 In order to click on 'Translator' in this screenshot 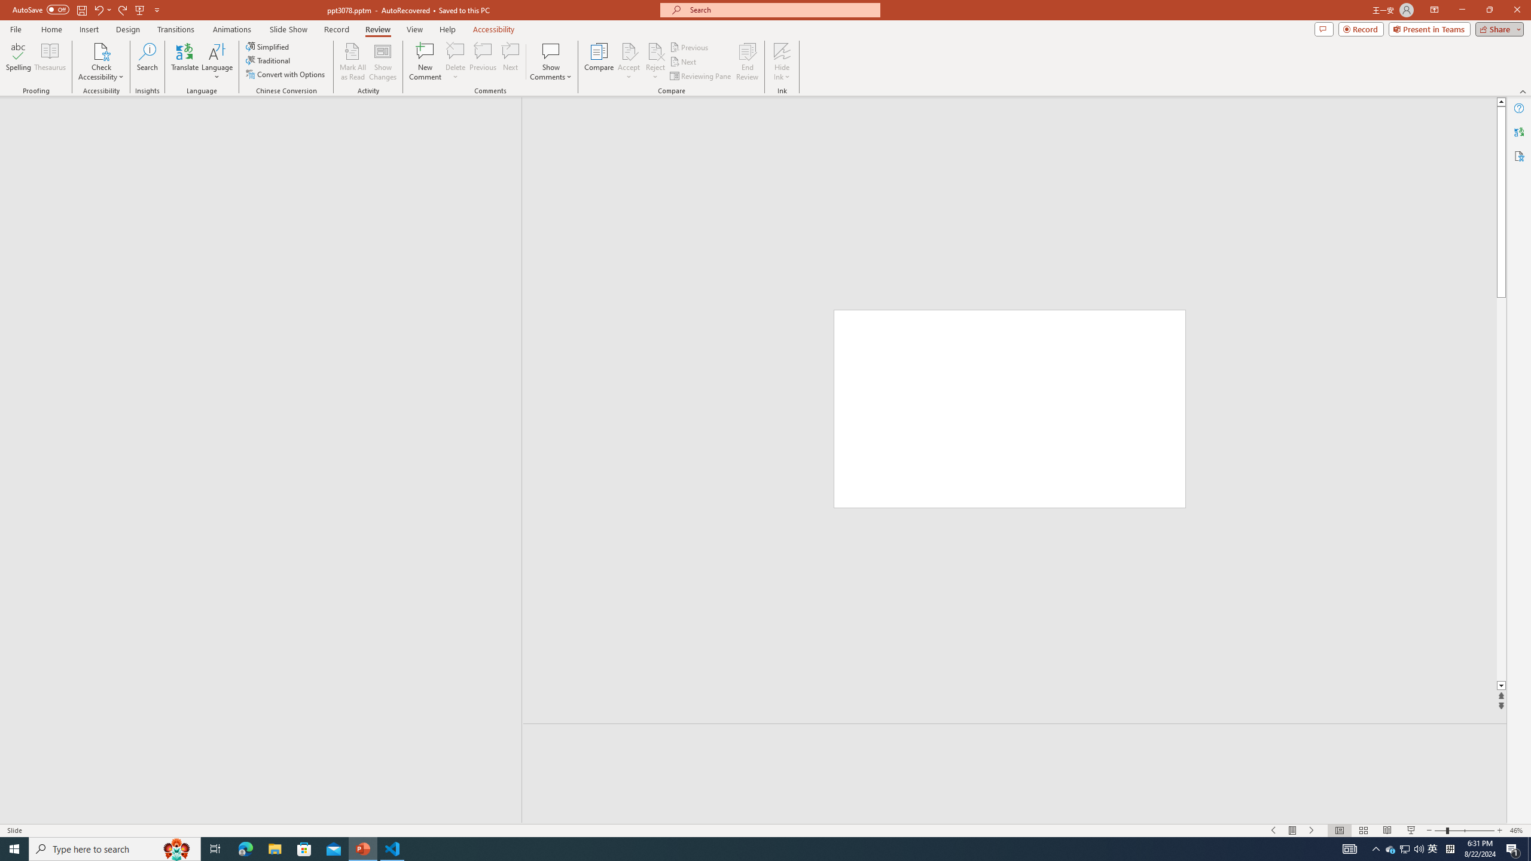, I will do `click(1518, 132)`.